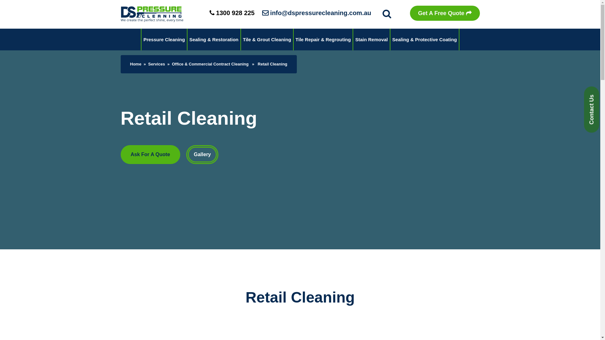  Describe the element at coordinates (316, 13) in the screenshot. I see `'info@dspressurecleaning.com.au'` at that location.